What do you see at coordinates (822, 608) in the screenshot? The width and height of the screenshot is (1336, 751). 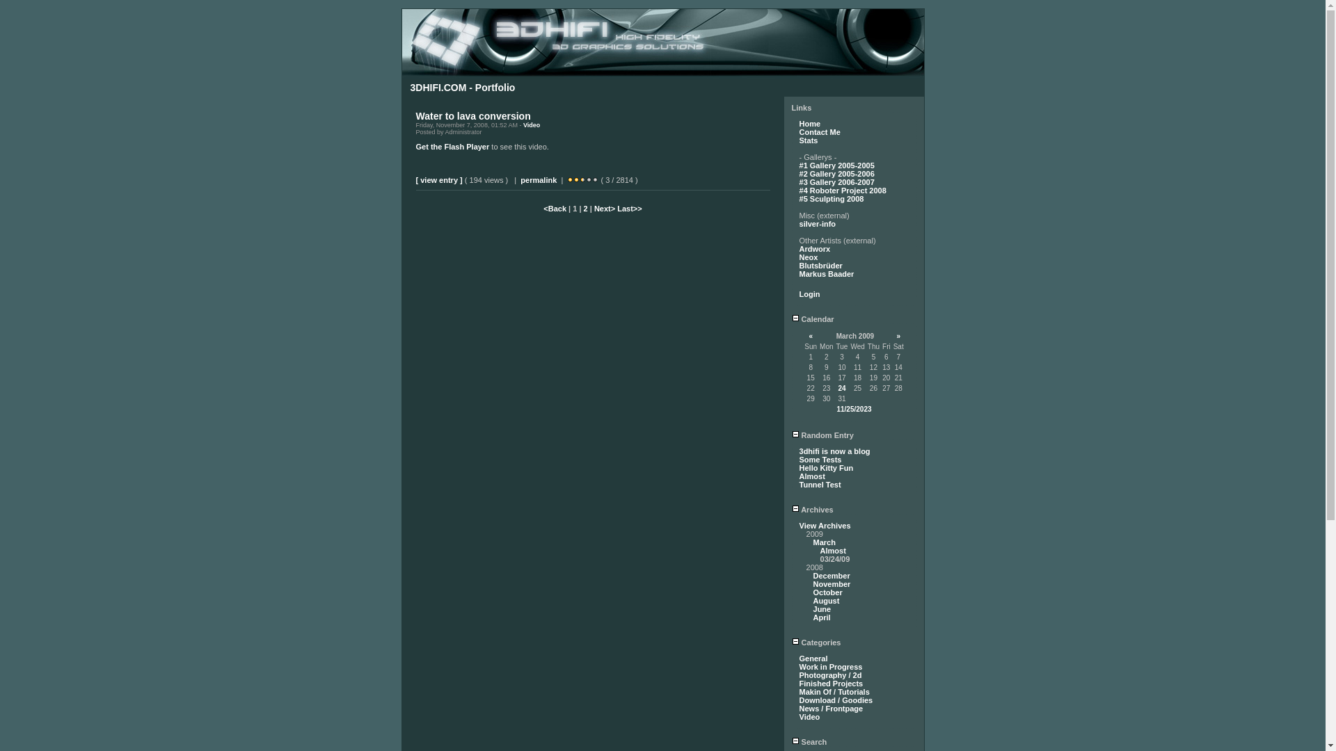 I see `'June'` at bounding box center [822, 608].